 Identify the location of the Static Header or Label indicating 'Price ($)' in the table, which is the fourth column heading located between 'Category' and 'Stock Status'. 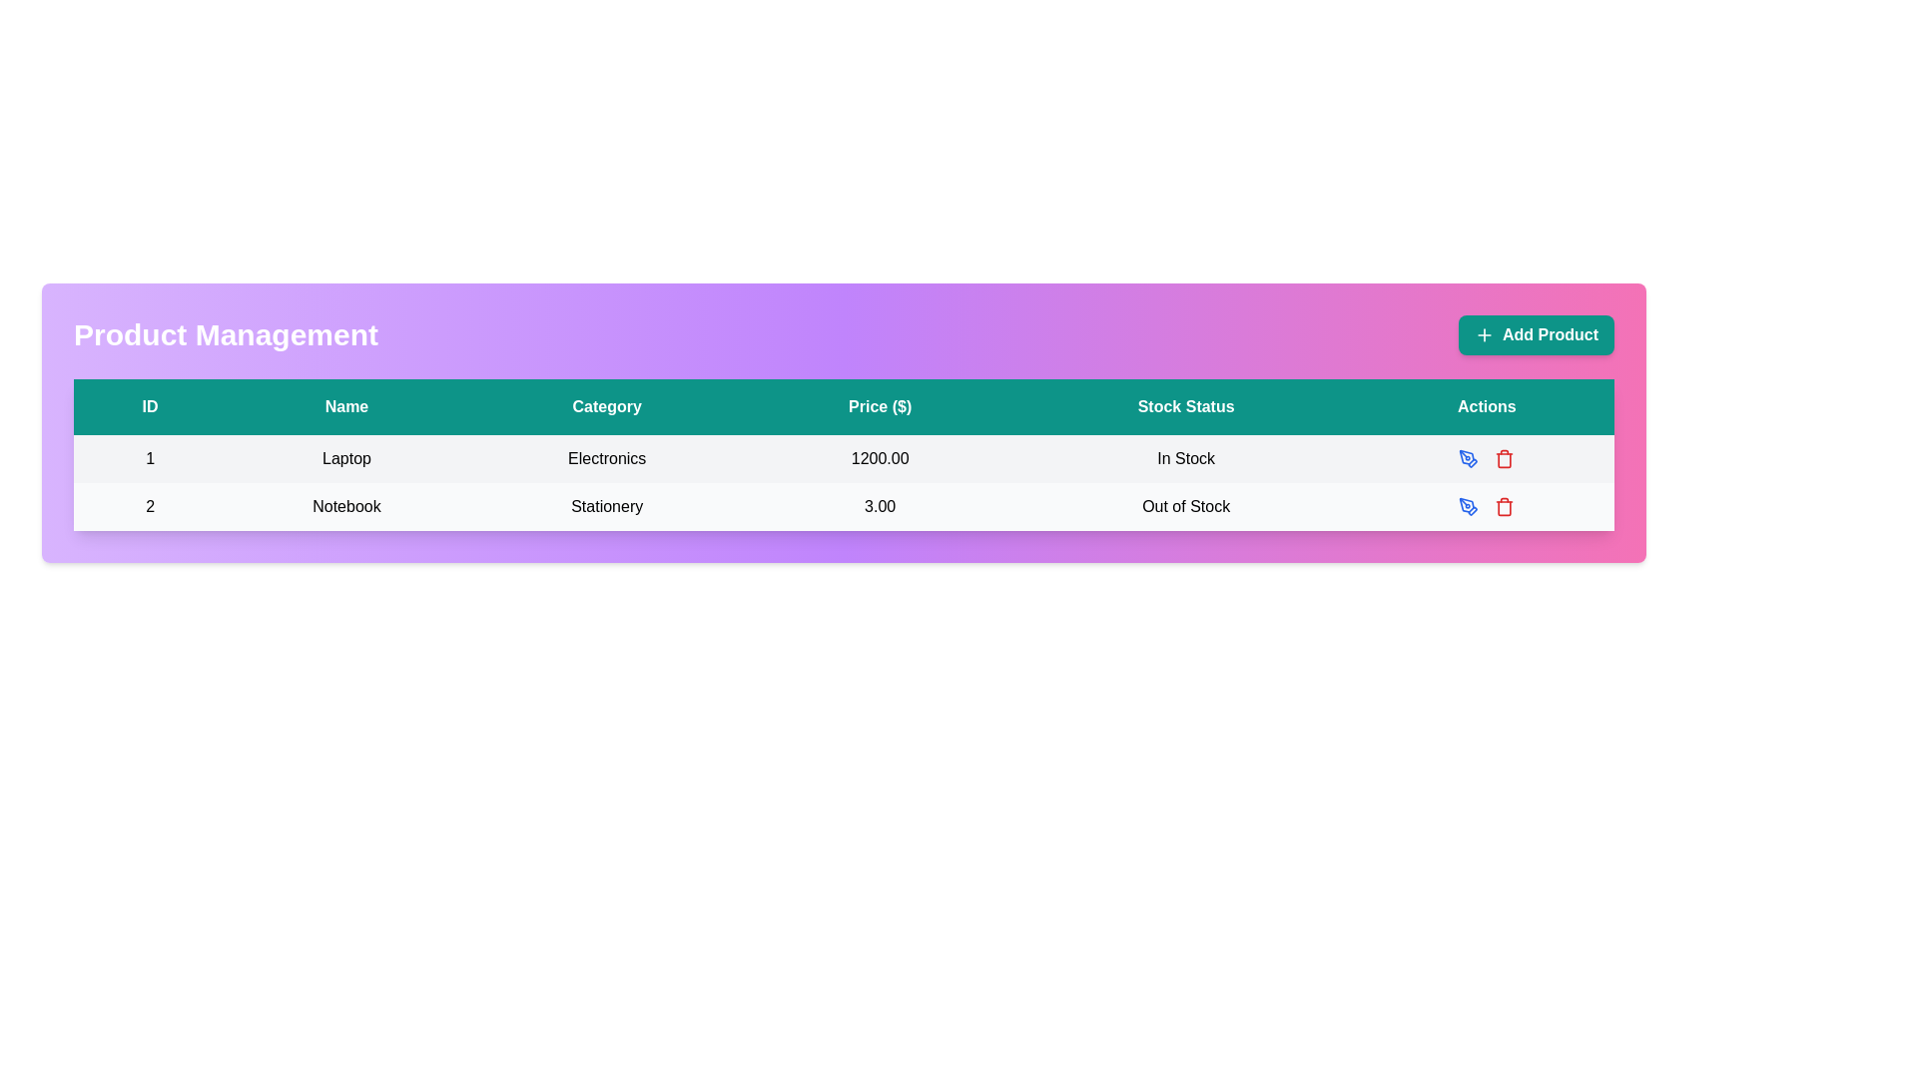
(879, 406).